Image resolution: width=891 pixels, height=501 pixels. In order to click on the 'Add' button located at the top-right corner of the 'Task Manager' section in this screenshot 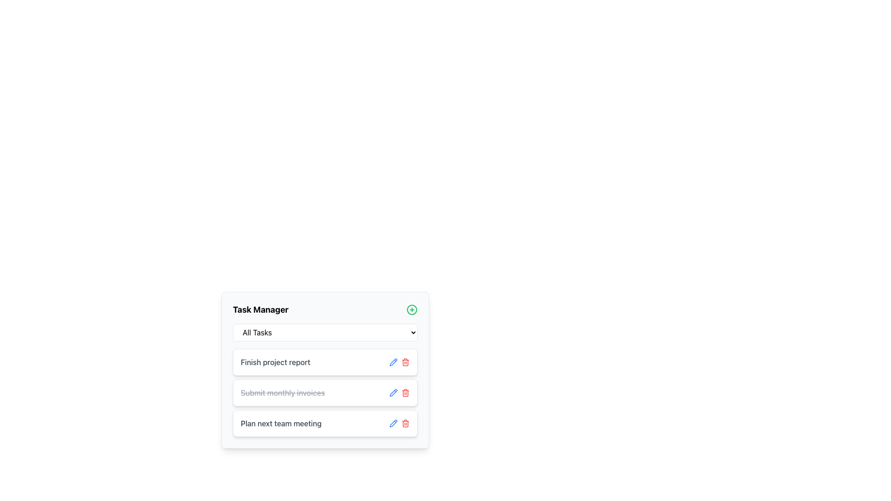, I will do `click(412, 309)`.